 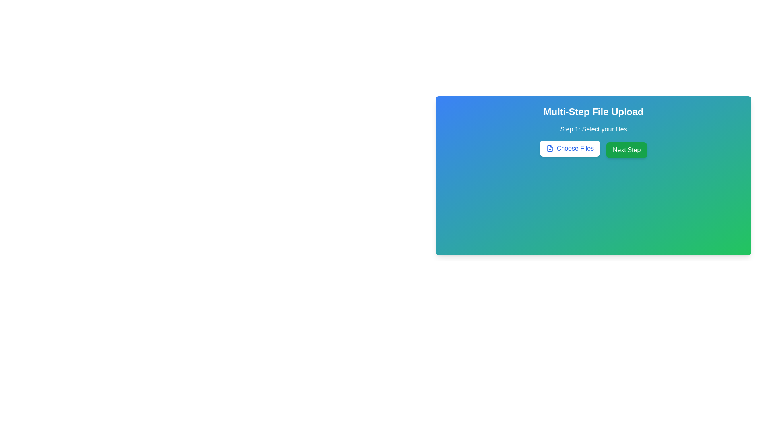 What do you see at coordinates (575, 149) in the screenshot?
I see `the 'Choose Files' label, which indicates the functionality of the adjacent button for file uploads` at bounding box center [575, 149].